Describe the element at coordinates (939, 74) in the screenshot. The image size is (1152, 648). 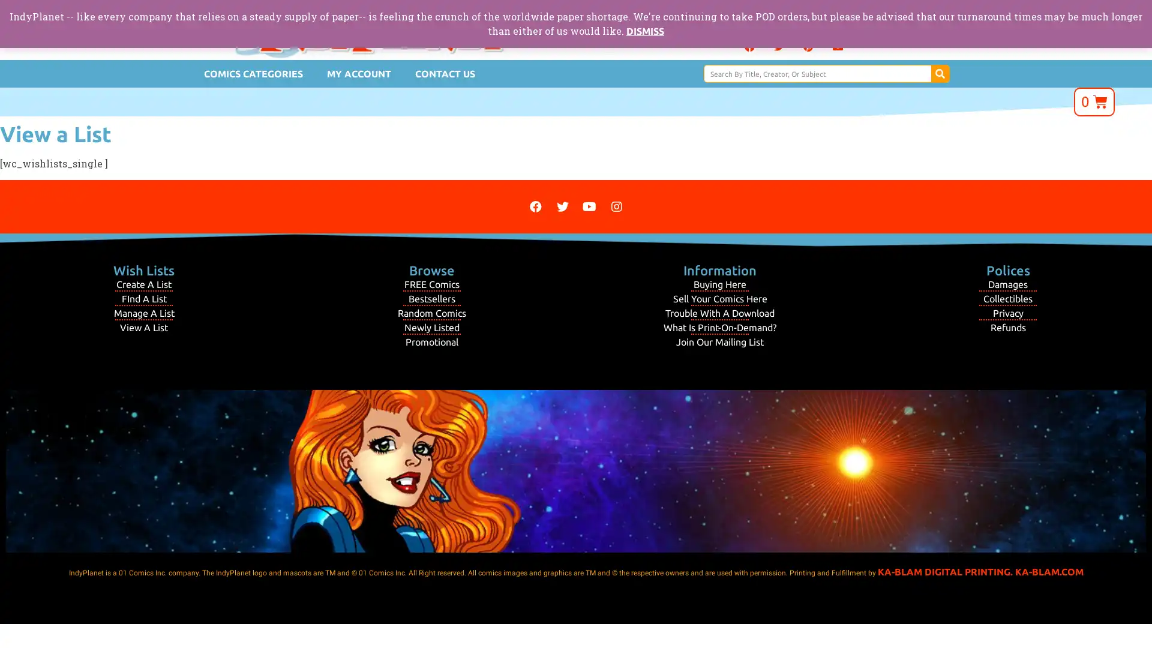
I see `Search` at that location.